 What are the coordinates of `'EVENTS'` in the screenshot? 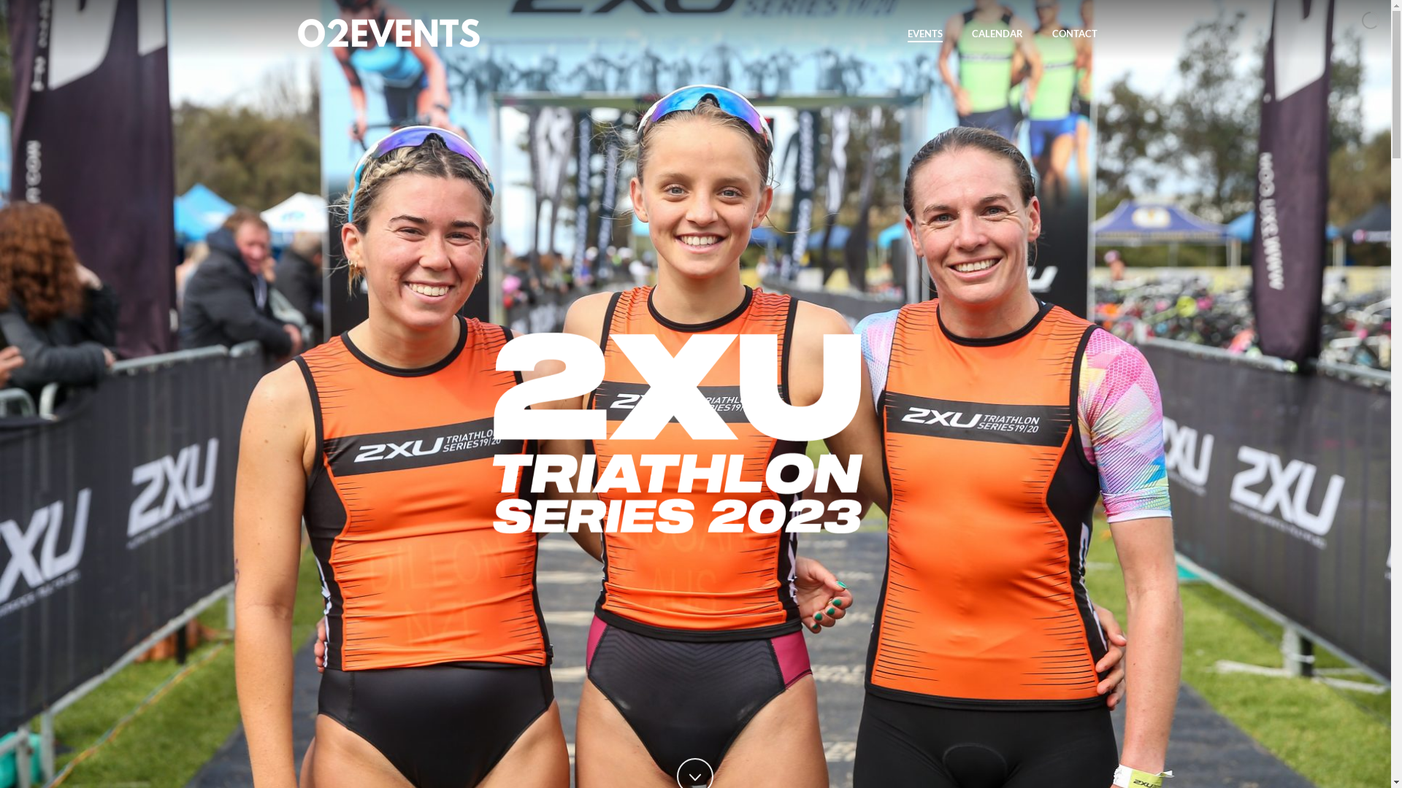 It's located at (924, 33).